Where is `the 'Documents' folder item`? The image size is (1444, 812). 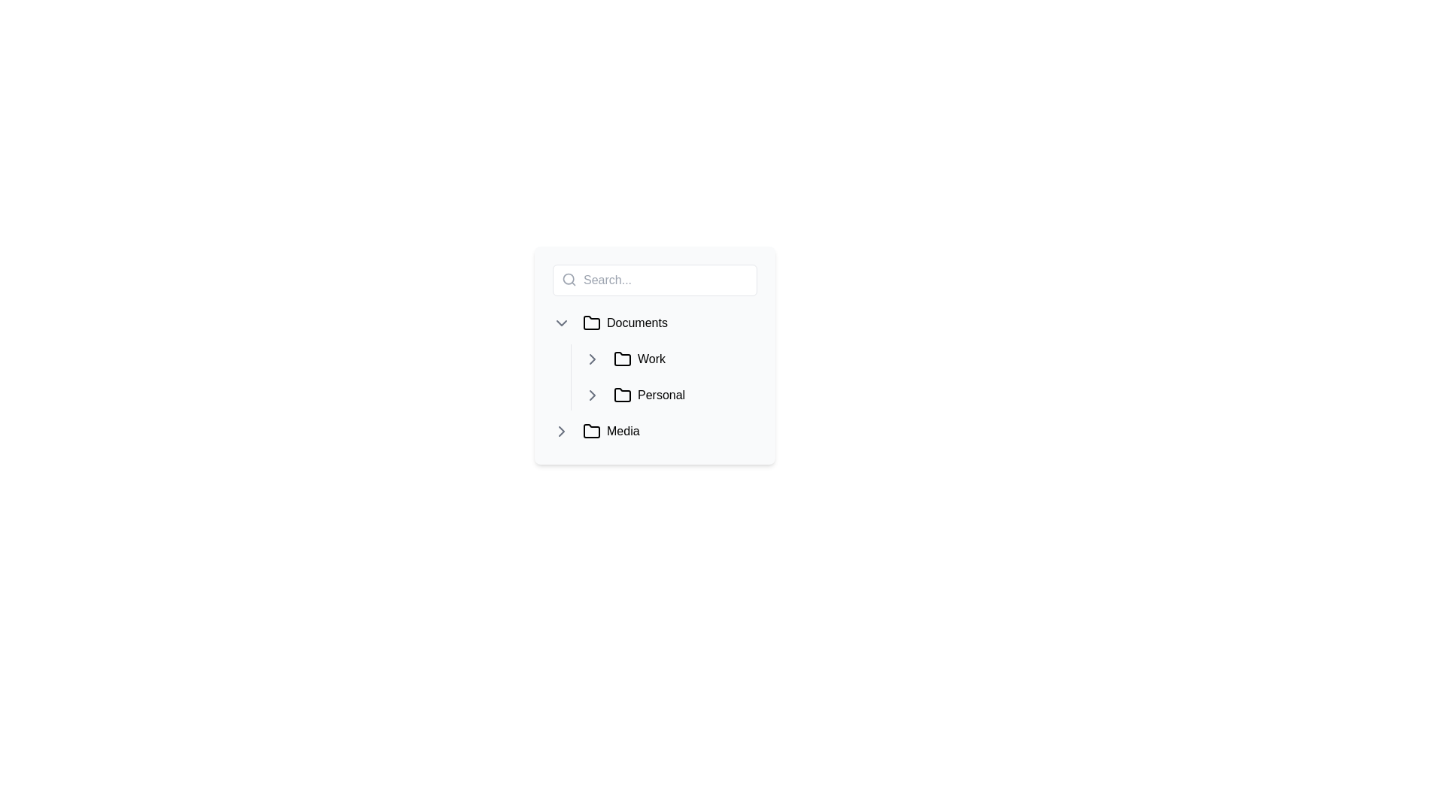
the 'Documents' folder item is located at coordinates (654, 322).